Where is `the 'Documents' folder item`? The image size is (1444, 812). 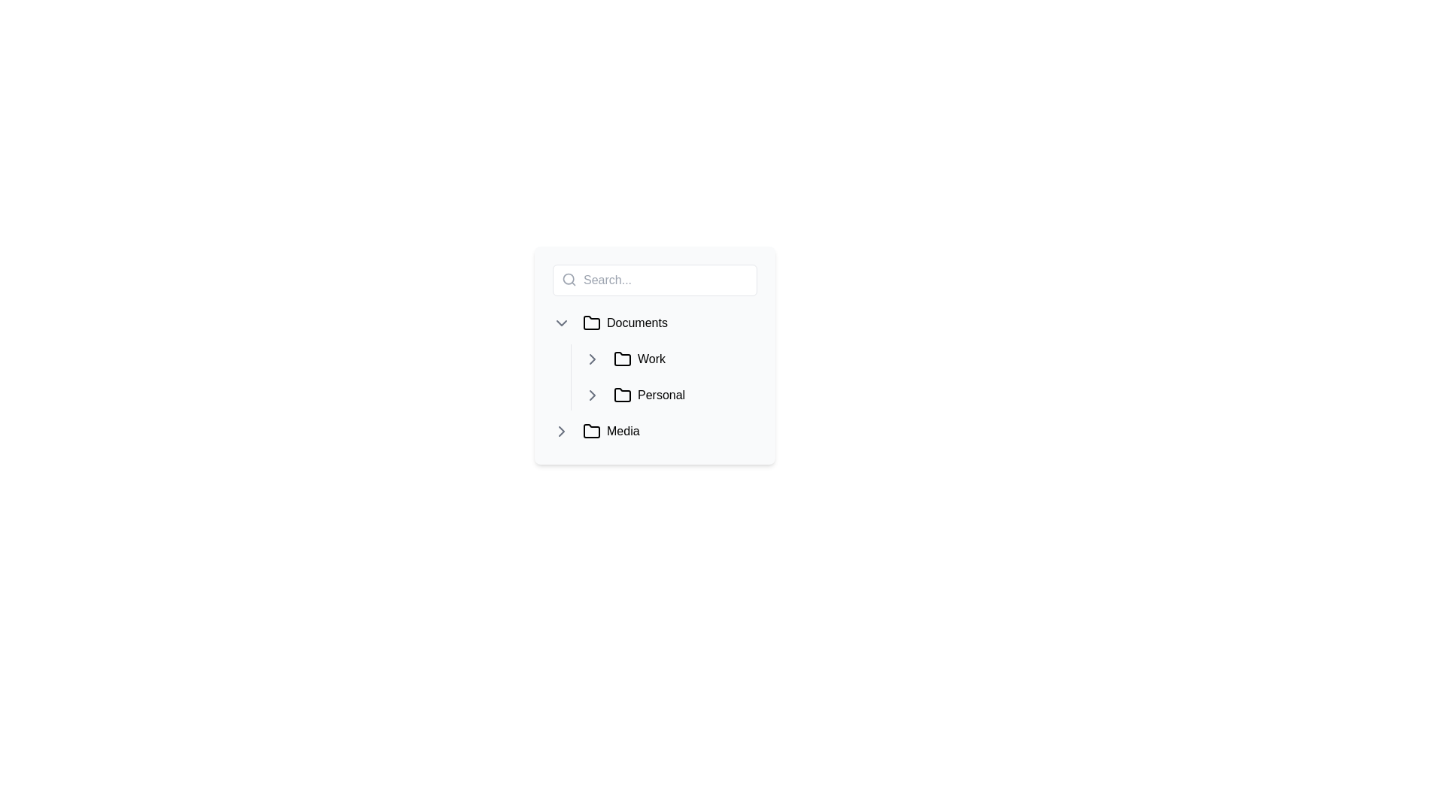
the 'Documents' folder item is located at coordinates (654, 322).